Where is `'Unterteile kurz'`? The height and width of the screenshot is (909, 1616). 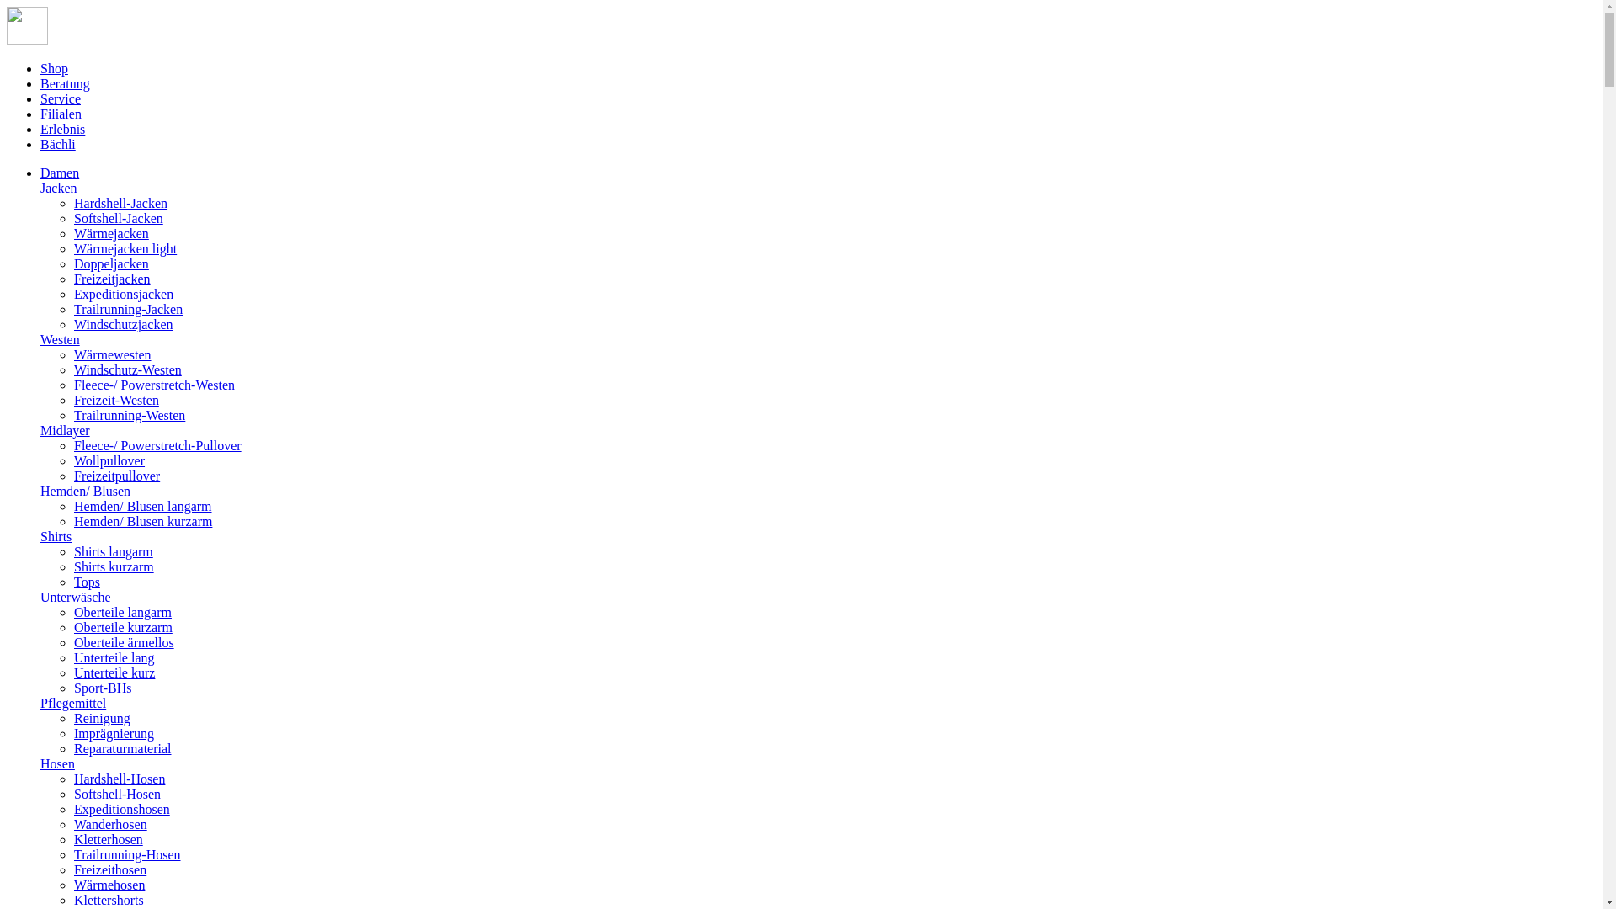
'Unterteile kurz' is located at coordinates (113, 672).